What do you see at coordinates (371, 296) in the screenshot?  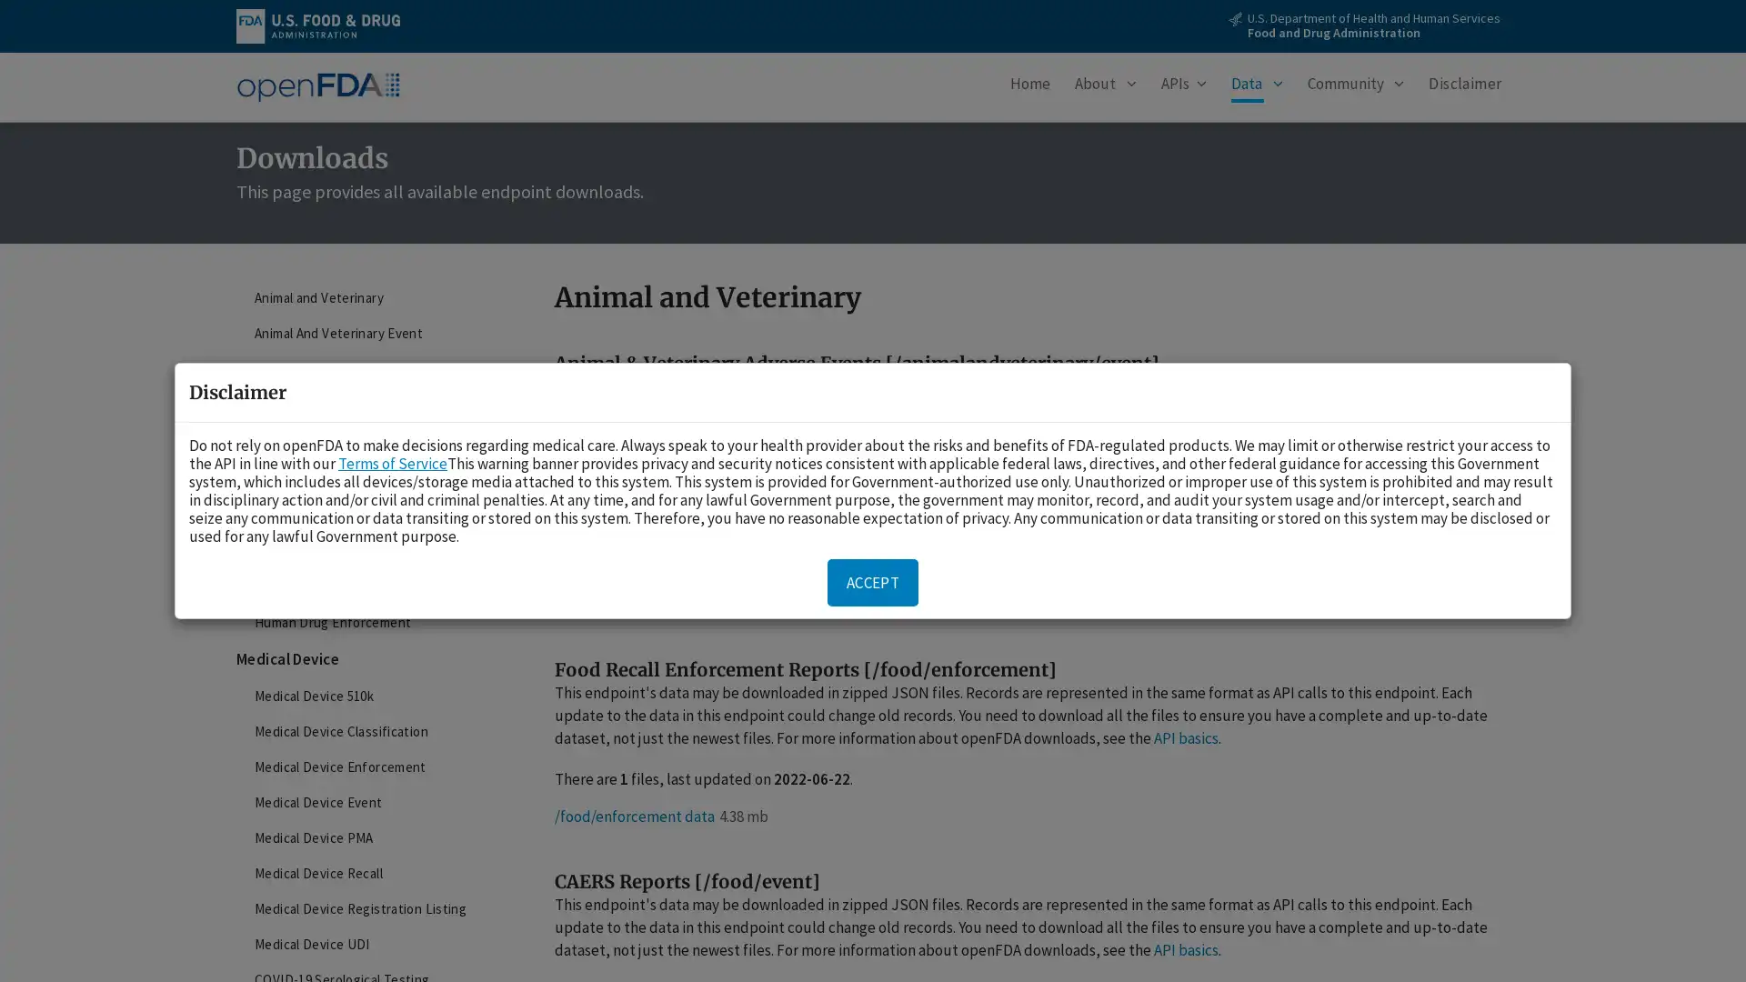 I see `Animal and Veterinary` at bounding box center [371, 296].